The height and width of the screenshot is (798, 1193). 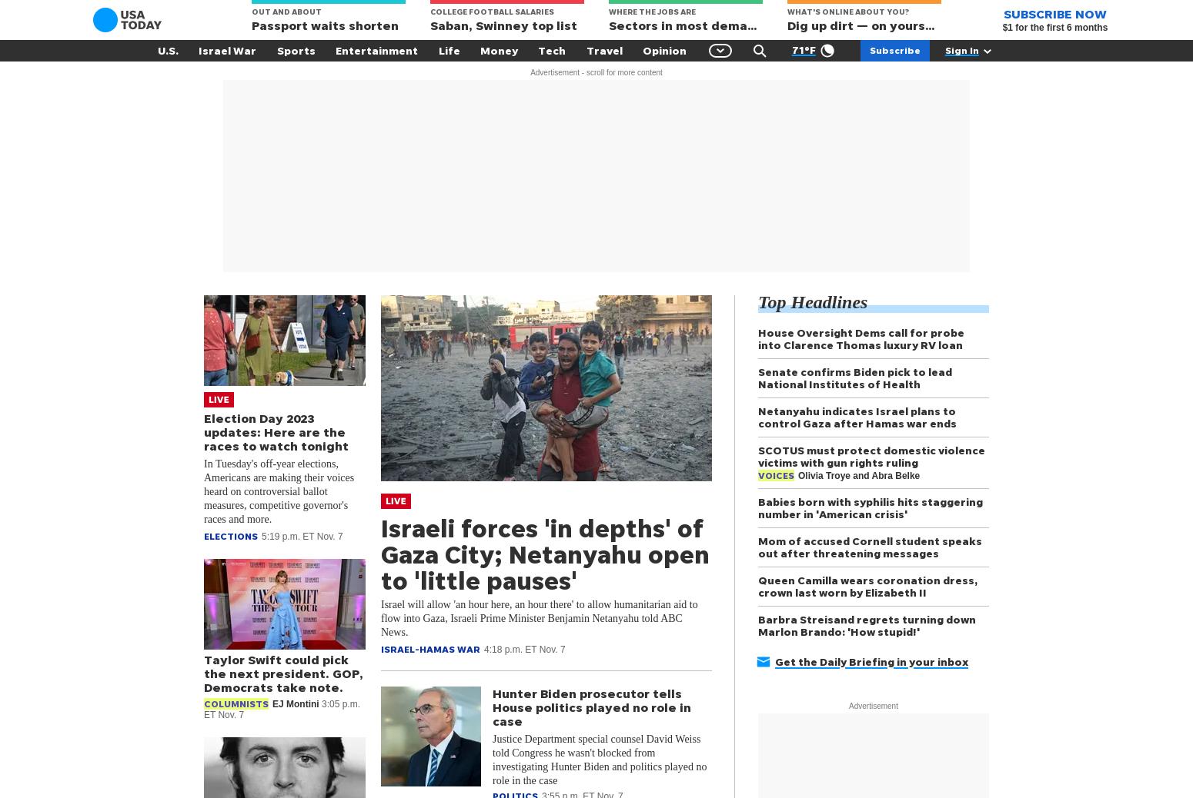 I want to click on 'Israeli forces 'in depths' of Gaza City; Netanyahu open to 'little pauses'', so click(x=545, y=553).